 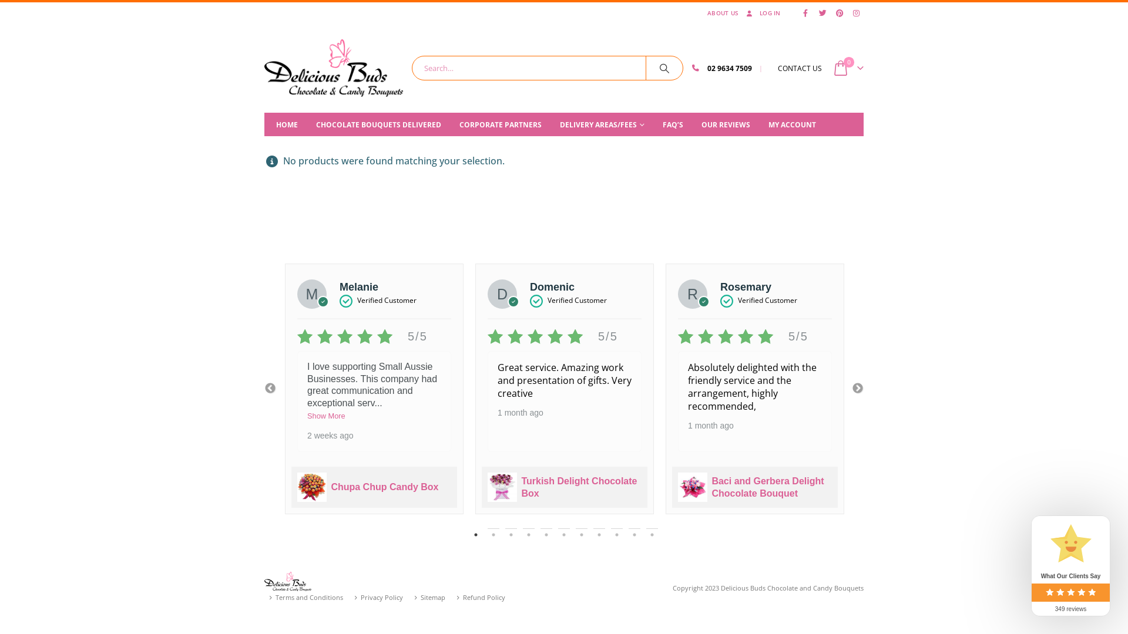 What do you see at coordinates (767, 487) in the screenshot?
I see `'Baci and Gerbera Delight Chocolate Bouquet'` at bounding box center [767, 487].